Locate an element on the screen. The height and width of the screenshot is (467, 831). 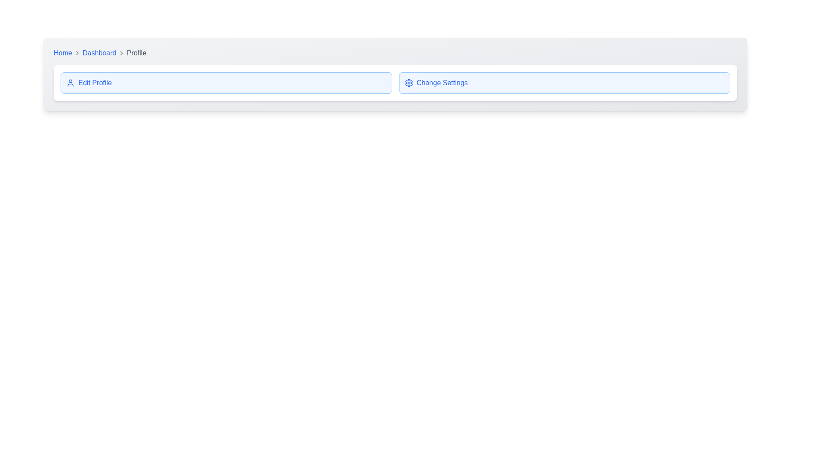
the breadcrumb delimiter icon located between the 'Home' link and additional breadcrumb elements, which visually separates the hierarchical navigation items is located at coordinates (77, 53).